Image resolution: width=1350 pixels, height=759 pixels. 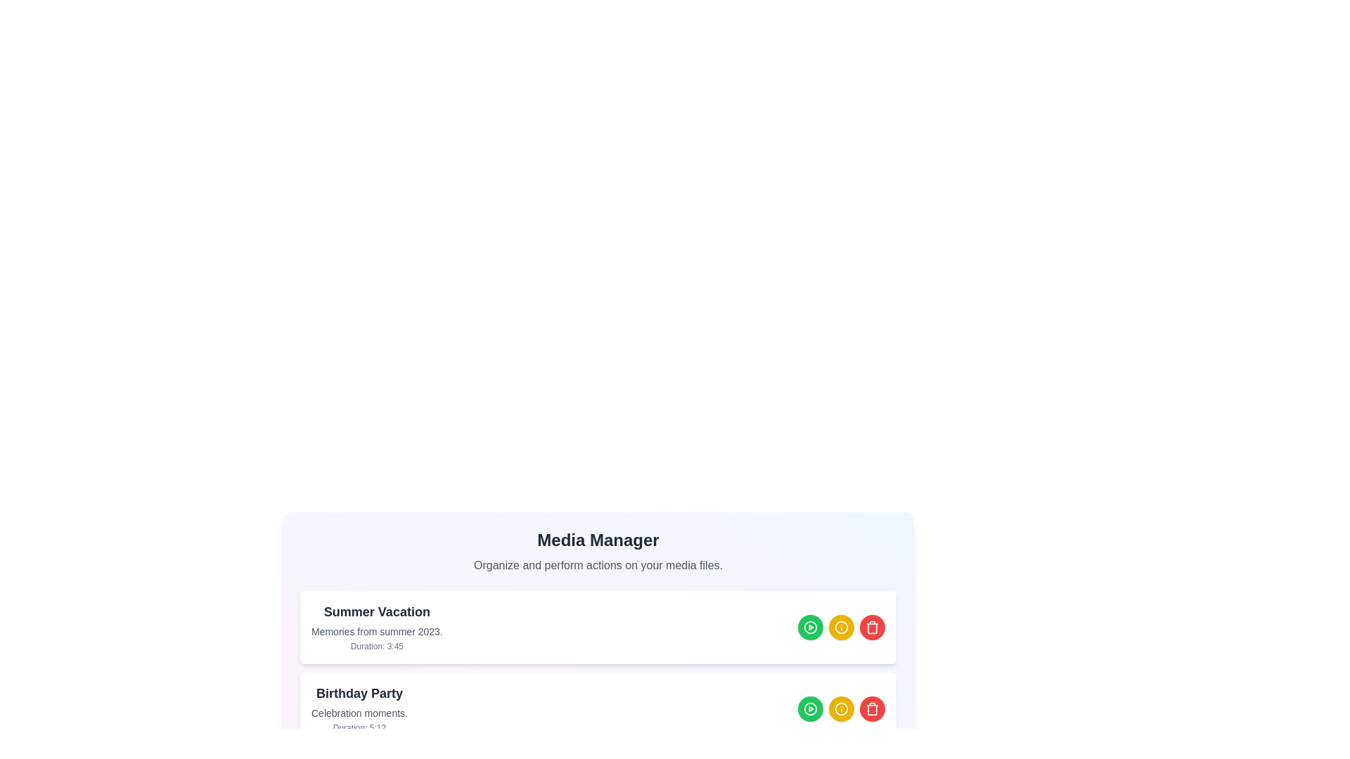 I want to click on the info button for the media item titled 'Summer Vacation' to view its details, so click(x=841, y=627).